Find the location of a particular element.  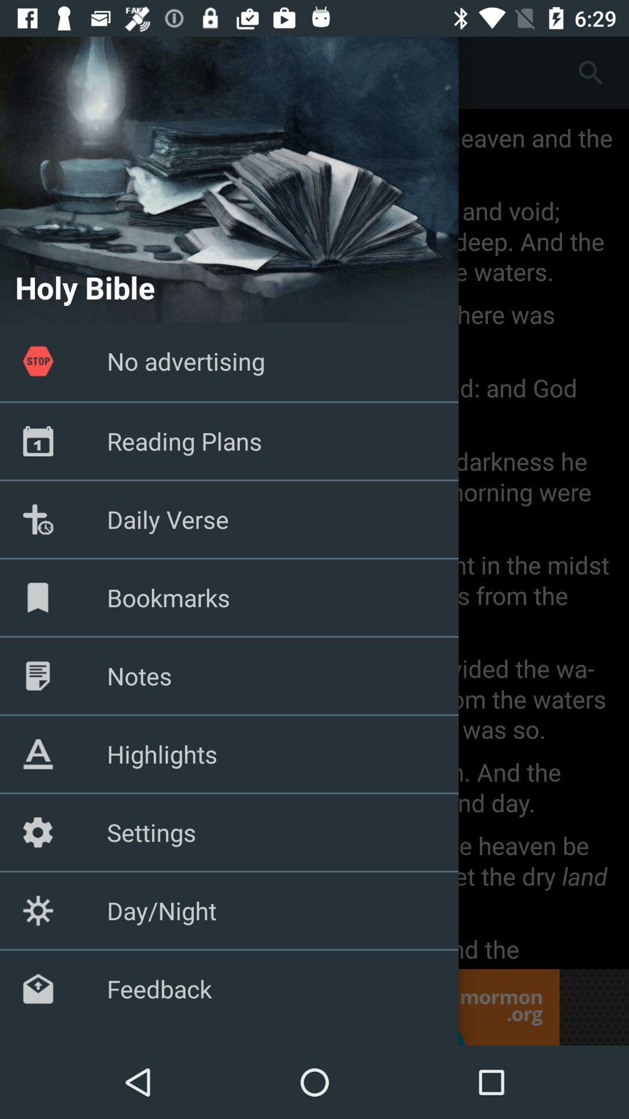

the search icon is located at coordinates (591, 72).